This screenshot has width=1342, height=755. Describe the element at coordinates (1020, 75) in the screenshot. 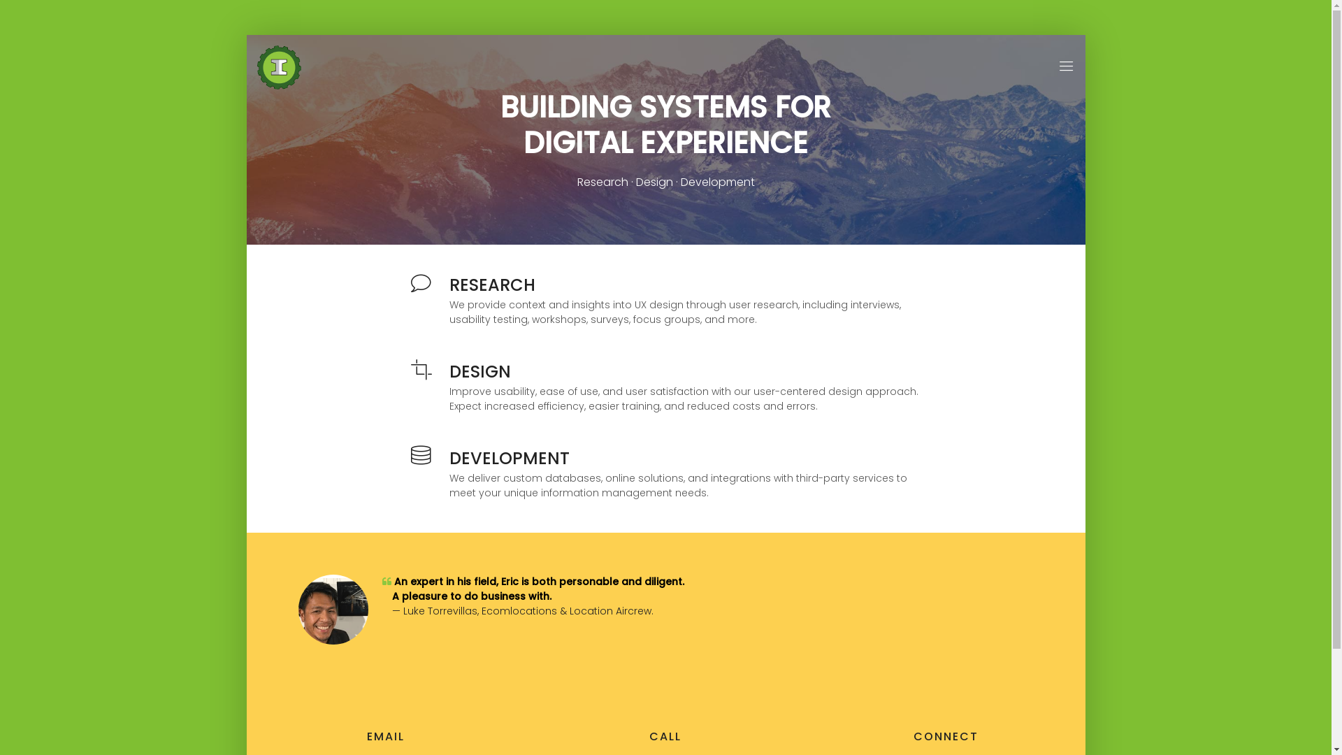

I see `'HOME'` at that location.